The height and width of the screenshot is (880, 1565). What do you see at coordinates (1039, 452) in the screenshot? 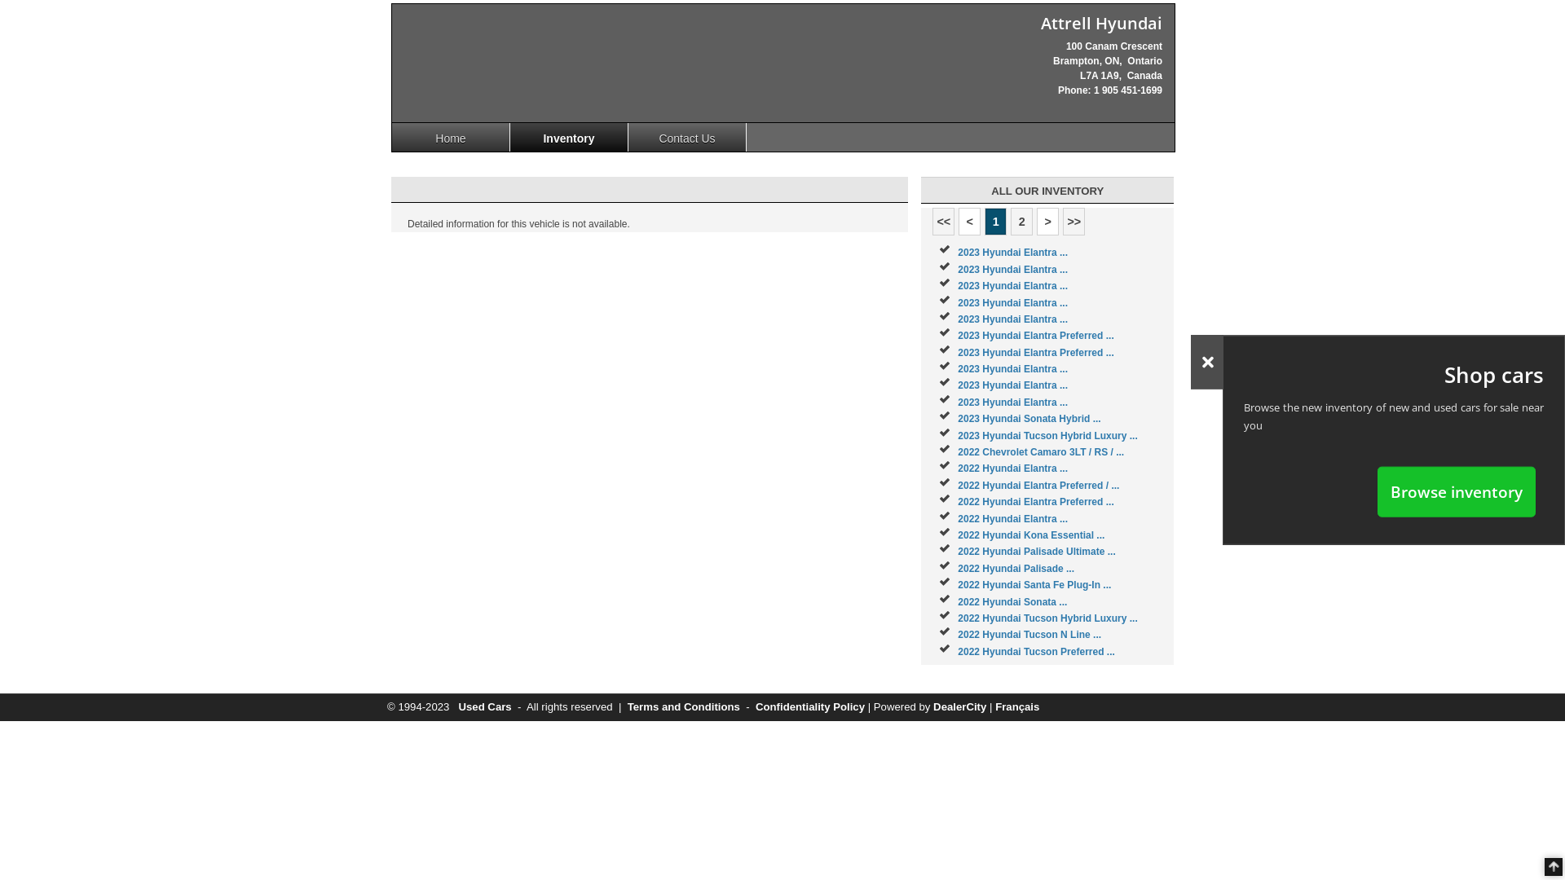
I see `'2022 Chevrolet Camaro 3LT / RS / ...'` at bounding box center [1039, 452].